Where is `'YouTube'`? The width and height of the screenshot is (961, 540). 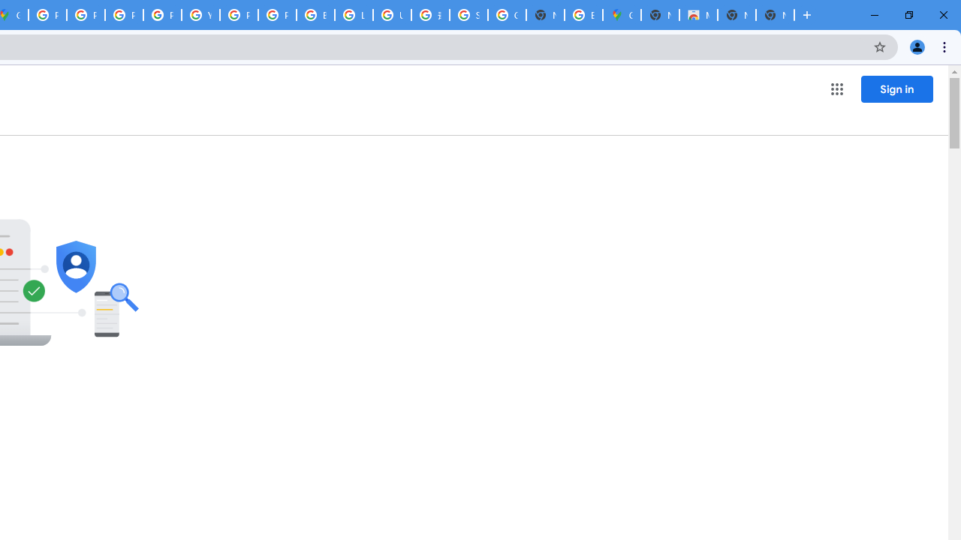 'YouTube' is located at coordinates (200, 15).